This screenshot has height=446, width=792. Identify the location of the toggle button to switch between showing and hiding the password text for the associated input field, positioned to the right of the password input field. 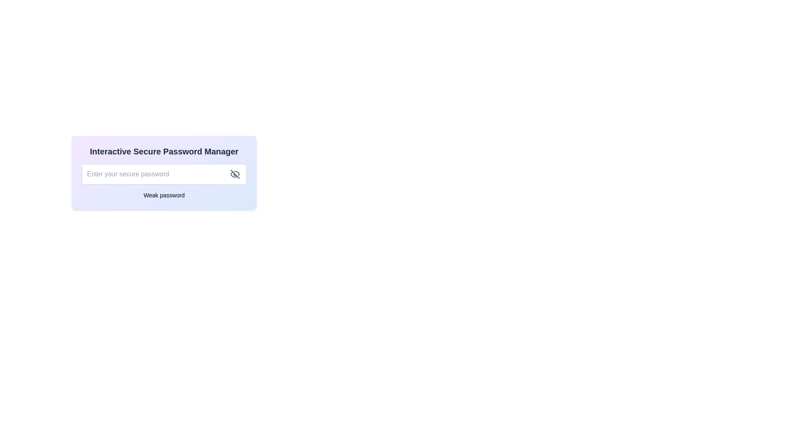
(235, 173).